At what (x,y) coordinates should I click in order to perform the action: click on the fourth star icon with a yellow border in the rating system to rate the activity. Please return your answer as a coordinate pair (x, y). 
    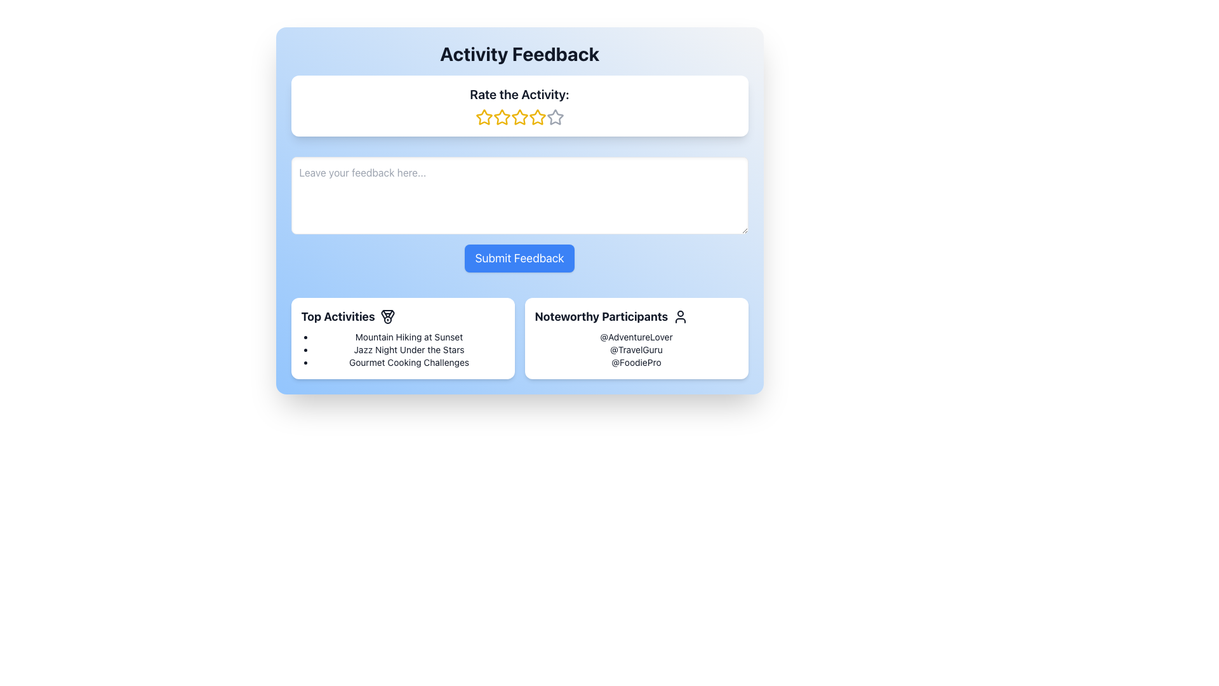
    Looking at the image, I should click on (536, 117).